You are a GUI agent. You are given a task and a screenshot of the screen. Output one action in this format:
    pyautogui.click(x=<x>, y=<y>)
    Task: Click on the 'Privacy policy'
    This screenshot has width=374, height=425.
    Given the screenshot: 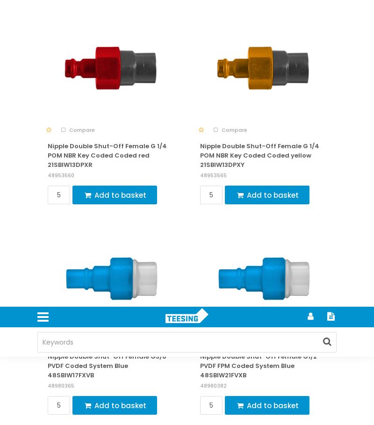 What is the action you would take?
    pyautogui.click(x=64, y=43)
    